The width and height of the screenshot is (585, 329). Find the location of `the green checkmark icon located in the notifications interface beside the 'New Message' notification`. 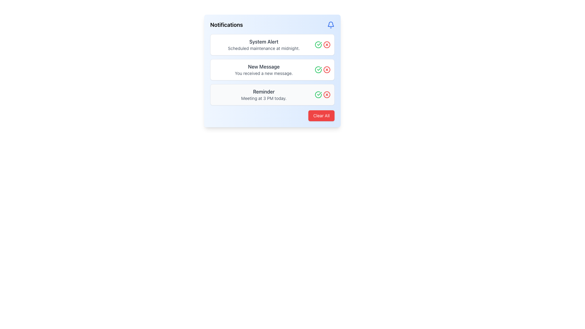

the green checkmark icon located in the notifications interface beside the 'New Message' notification is located at coordinates (319, 43).